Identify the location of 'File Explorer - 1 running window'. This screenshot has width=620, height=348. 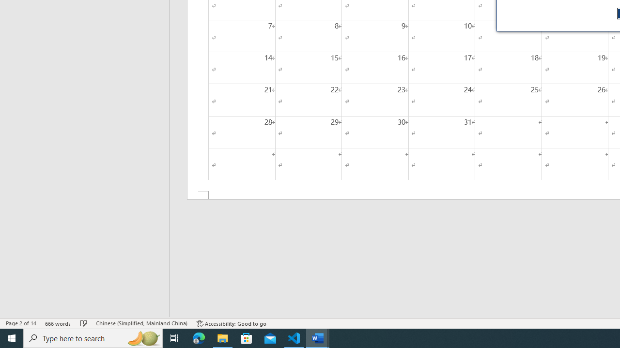
(222, 337).